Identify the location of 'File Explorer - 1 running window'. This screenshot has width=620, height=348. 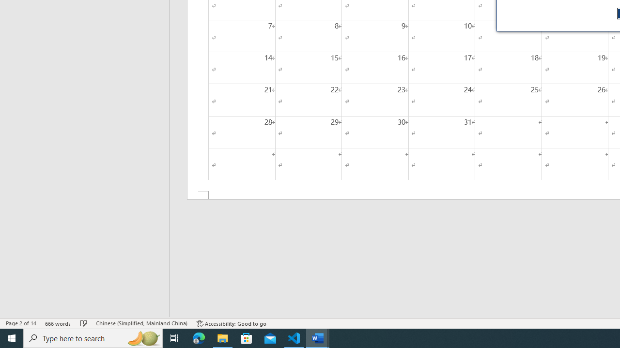
(222, 337).